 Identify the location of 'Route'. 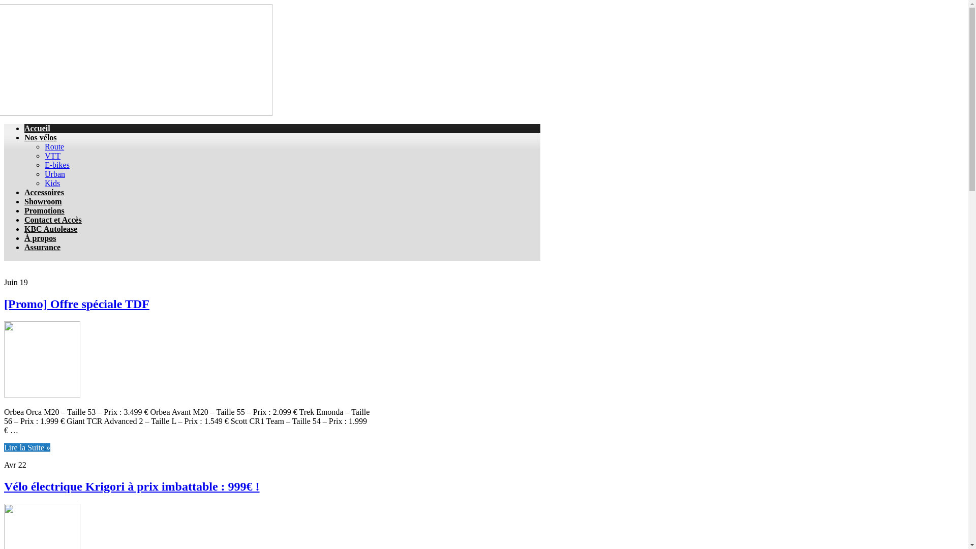
(53, 146).